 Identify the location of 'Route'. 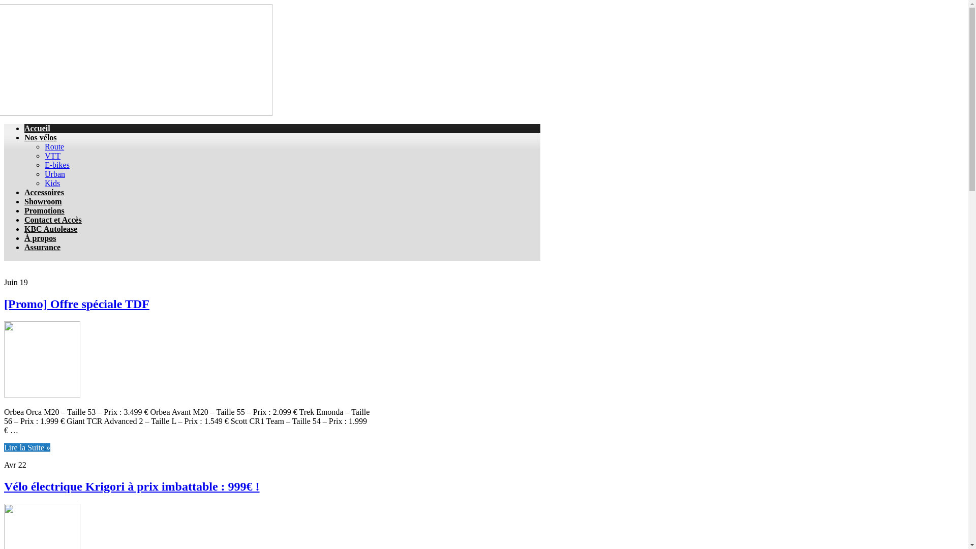
(53, 146).